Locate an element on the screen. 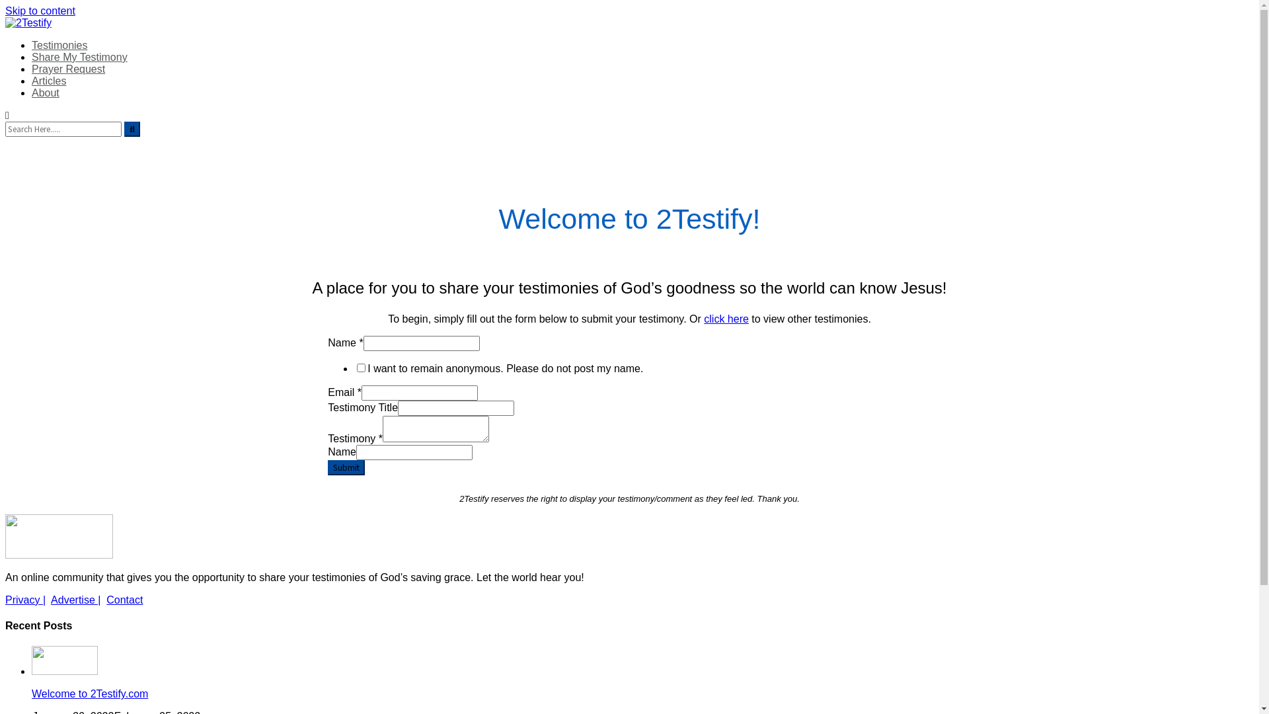  'Contact' is located at coordinates (124, 600).